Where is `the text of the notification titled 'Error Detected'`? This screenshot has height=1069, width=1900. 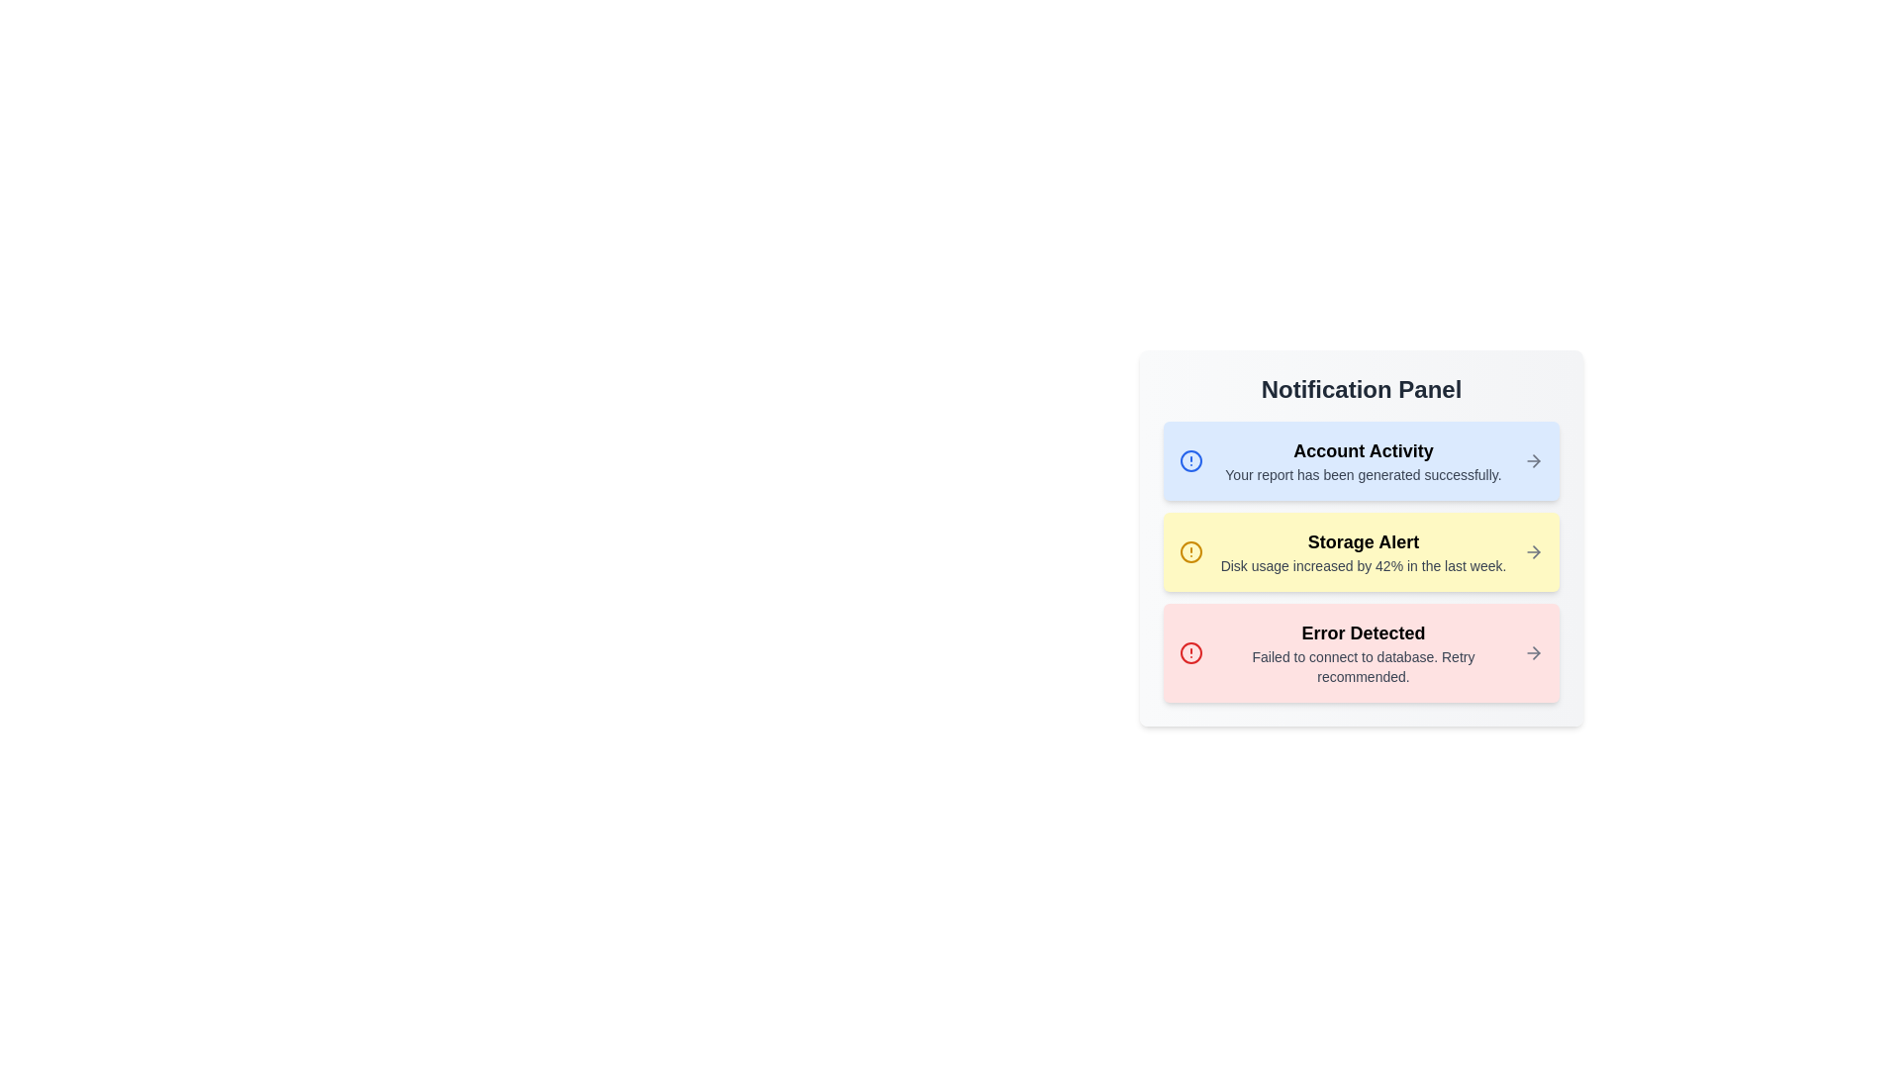
the text of the notification titled 'Error Detected' is located at coordinates (1218, 618).